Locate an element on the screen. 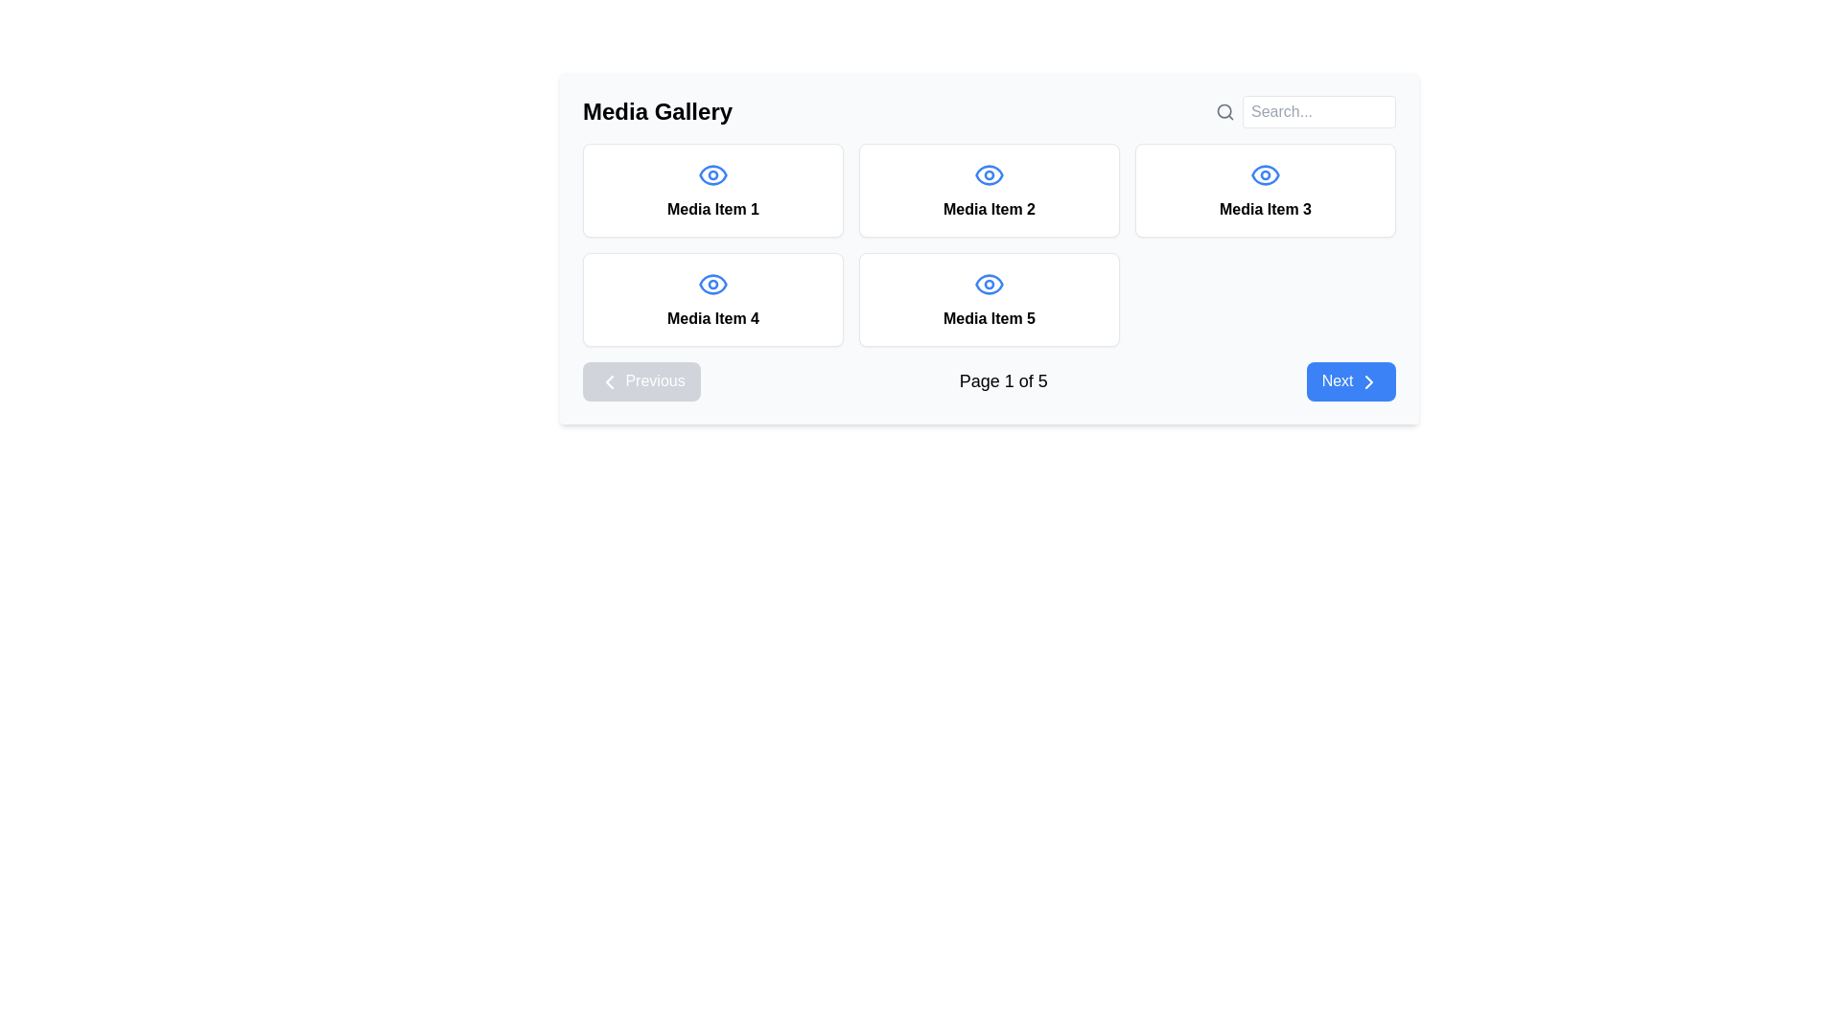 This screenshot has width=1841, height=1035. the central text of the pagination control that indicates the current page number and total pages available is located at coordinates (1002, 381).